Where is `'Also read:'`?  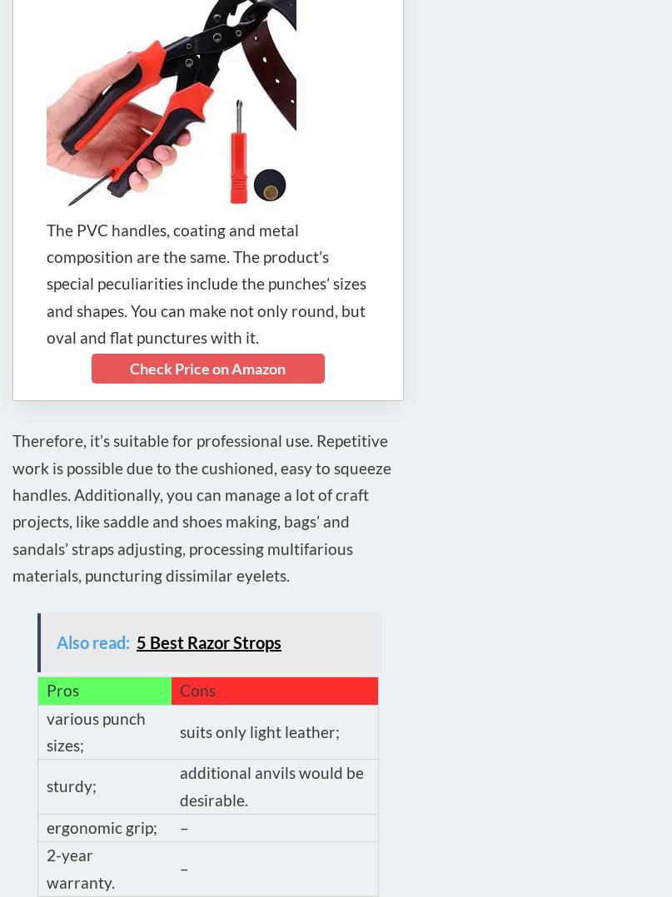
'Also read:' is located at coordinates (92, 641).